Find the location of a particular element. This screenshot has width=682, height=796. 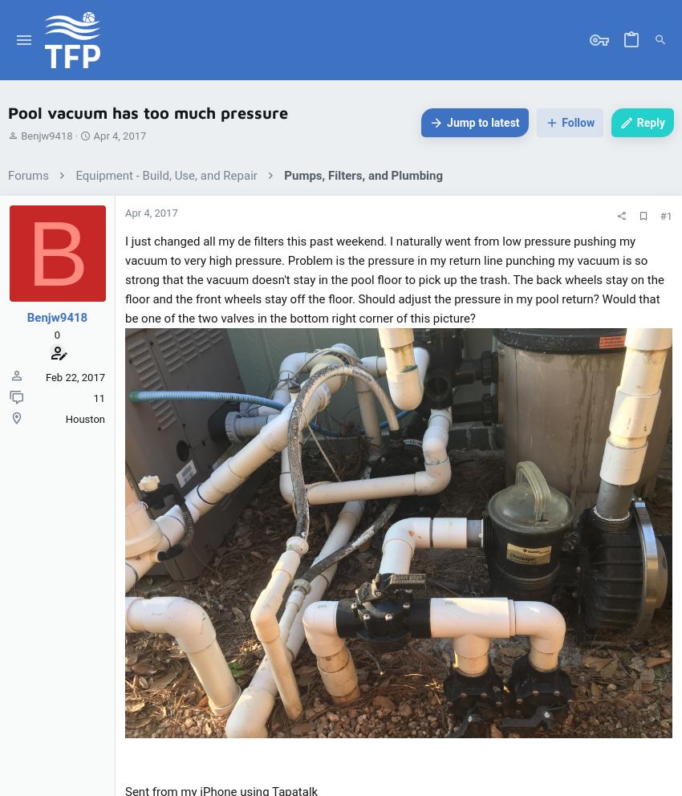

'11' is located at coordinates (92, 398).